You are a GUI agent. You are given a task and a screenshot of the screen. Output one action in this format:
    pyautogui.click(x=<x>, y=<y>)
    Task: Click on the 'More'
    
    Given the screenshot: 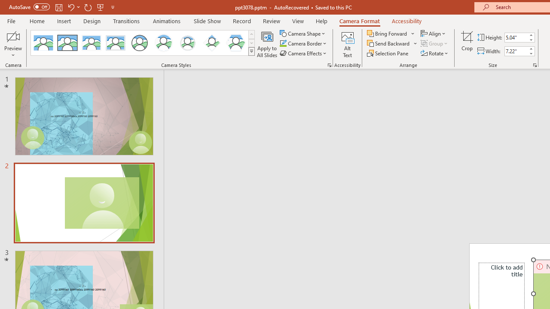 What is the action you would take?
    pyautogui.click(x=530, y=48)
    